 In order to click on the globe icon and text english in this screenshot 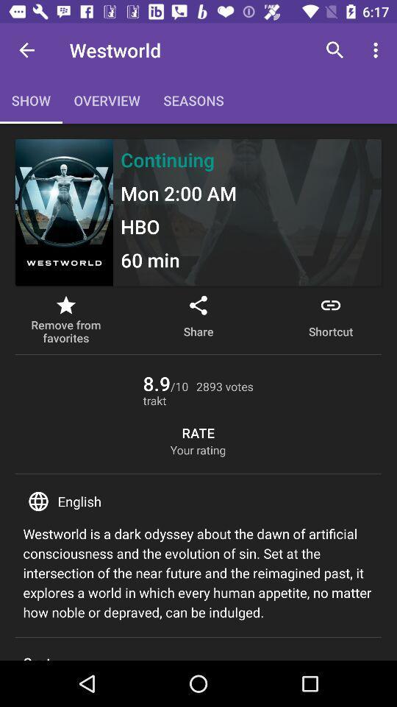, I will do `click(198, 502)`.